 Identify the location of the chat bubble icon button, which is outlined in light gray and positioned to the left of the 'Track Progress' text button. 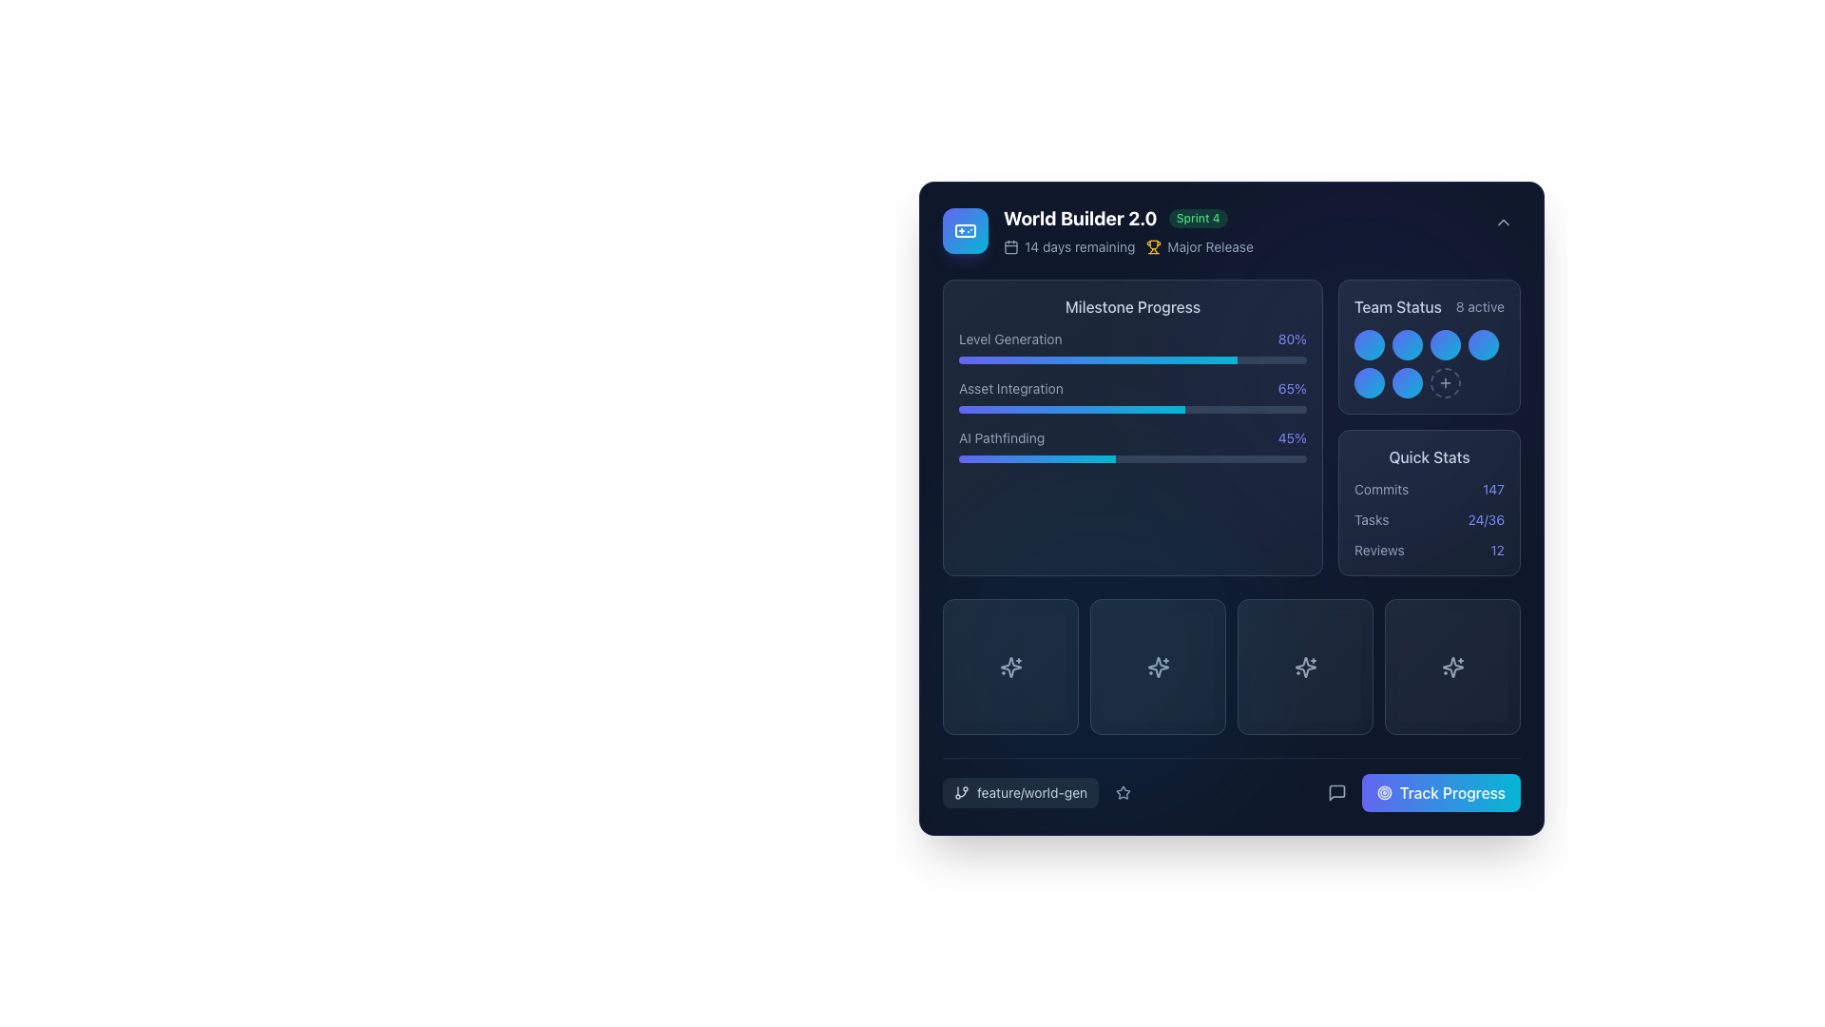
(1335, 792).